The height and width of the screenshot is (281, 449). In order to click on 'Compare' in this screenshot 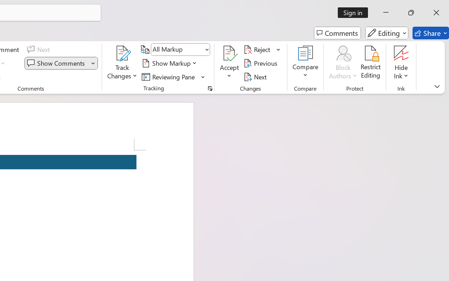, I will do `click(306, 63)`.